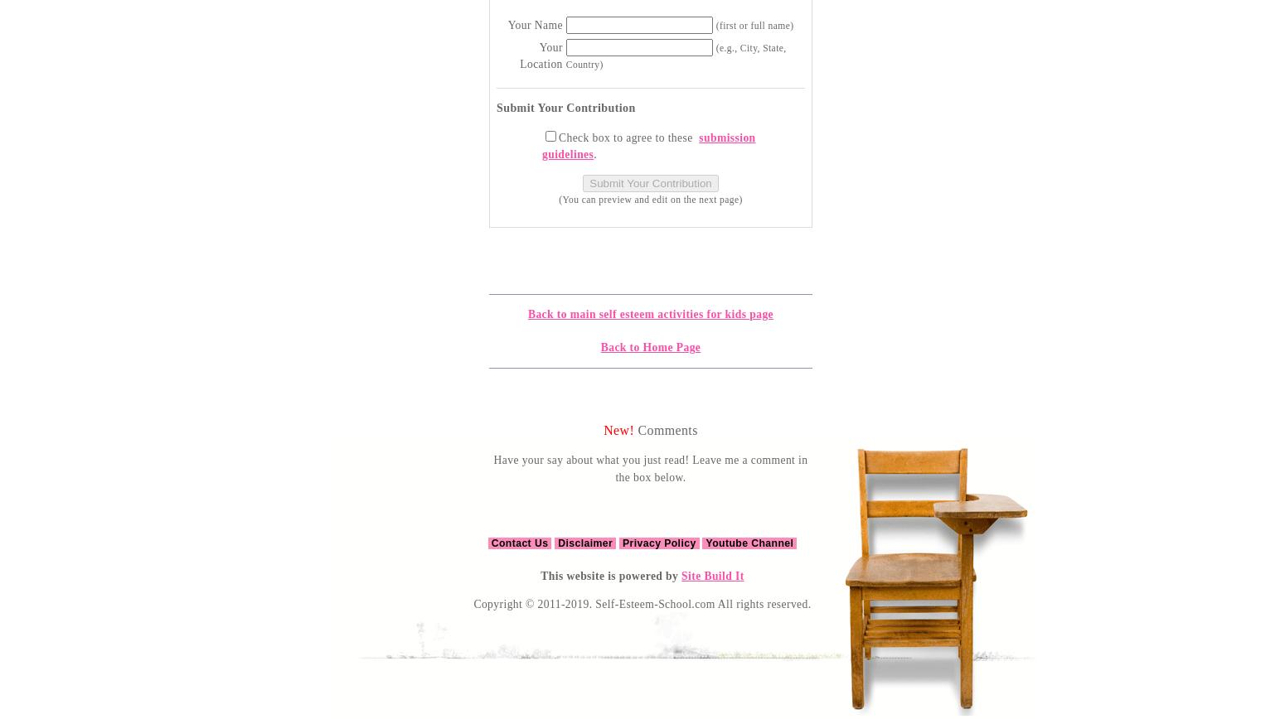  Describe the element at coordinates (518, 542) in the screenshot. I see `'Contact Us'` at that location.